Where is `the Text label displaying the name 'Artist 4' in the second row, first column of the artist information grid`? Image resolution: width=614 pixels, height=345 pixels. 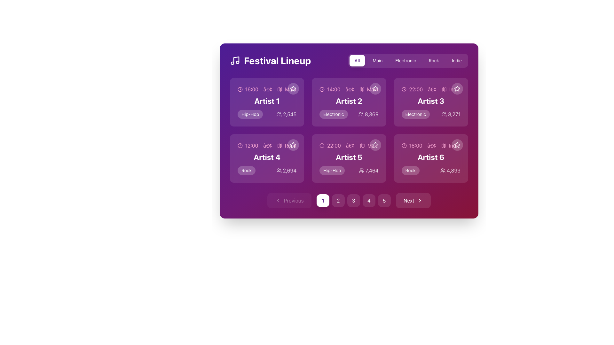
the Text label displaying the name 'Artist 4' in the second row, first column of the artist information grid is located at coordinates (267, 157).